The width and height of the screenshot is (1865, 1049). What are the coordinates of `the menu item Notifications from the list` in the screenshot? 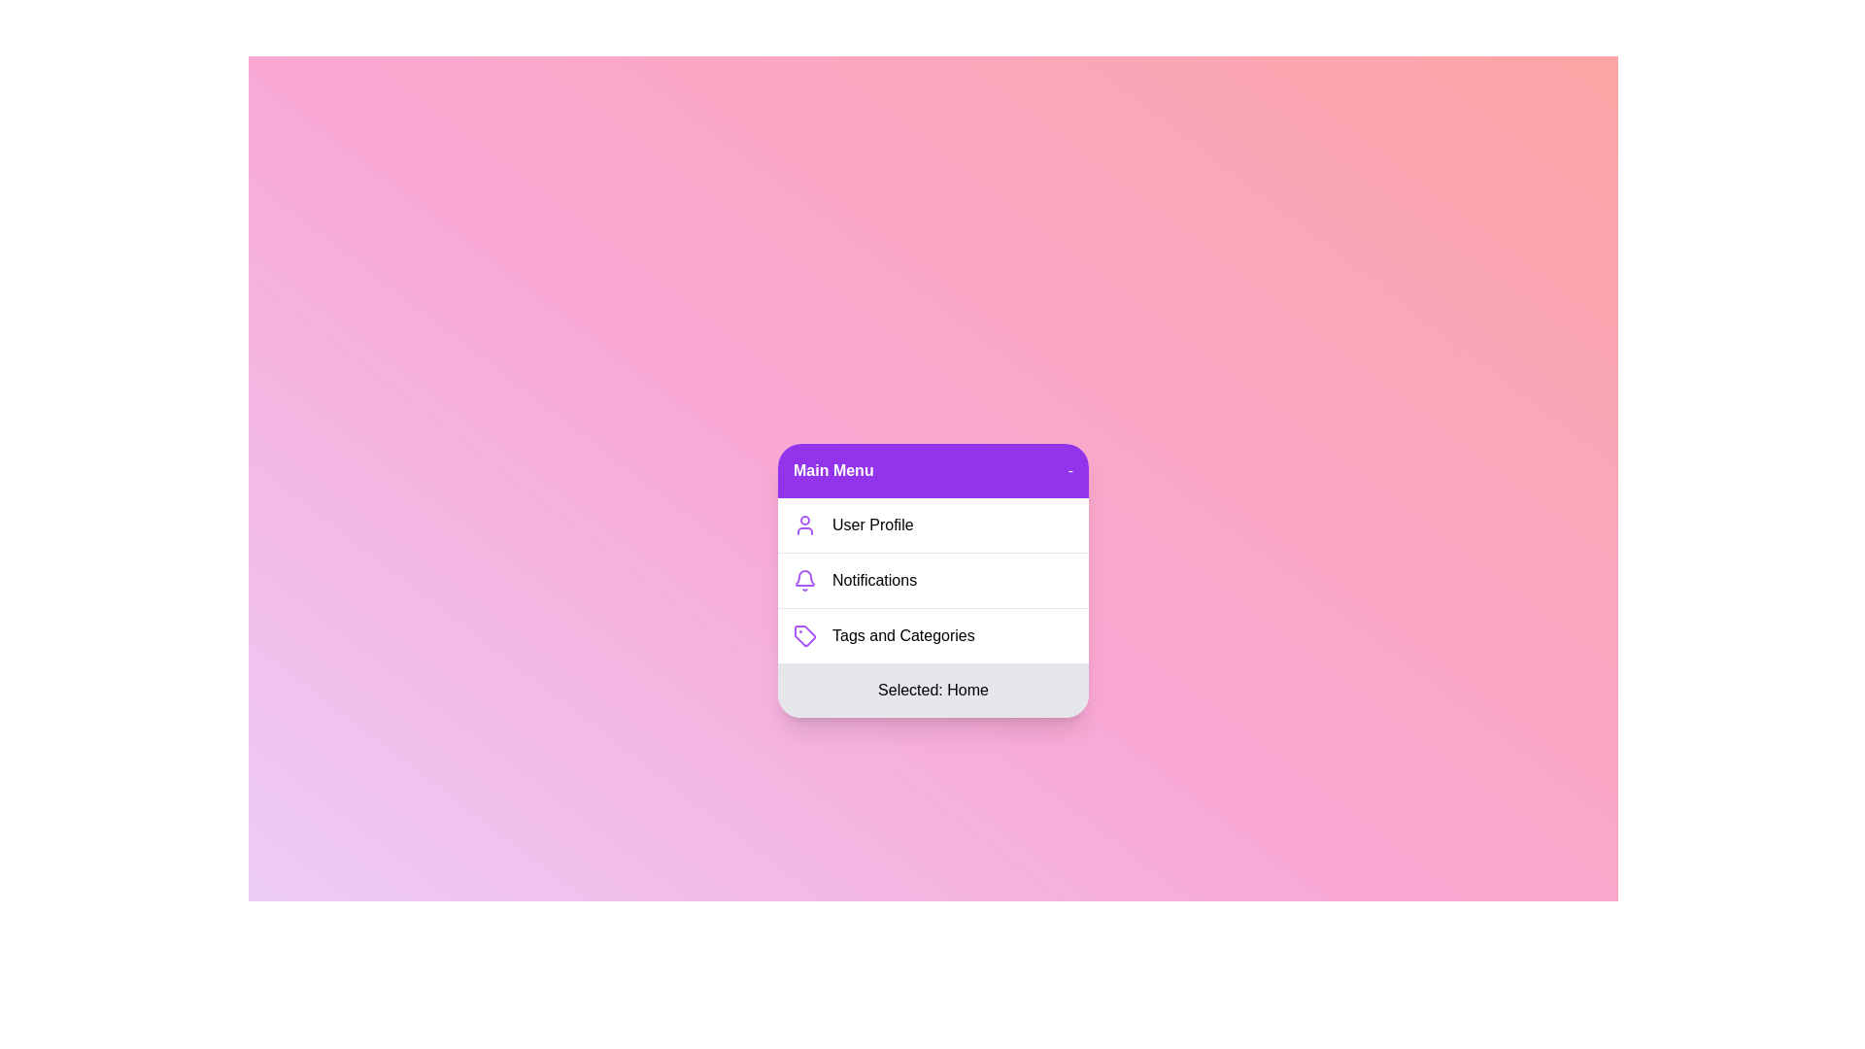 It's located at (932, 579).